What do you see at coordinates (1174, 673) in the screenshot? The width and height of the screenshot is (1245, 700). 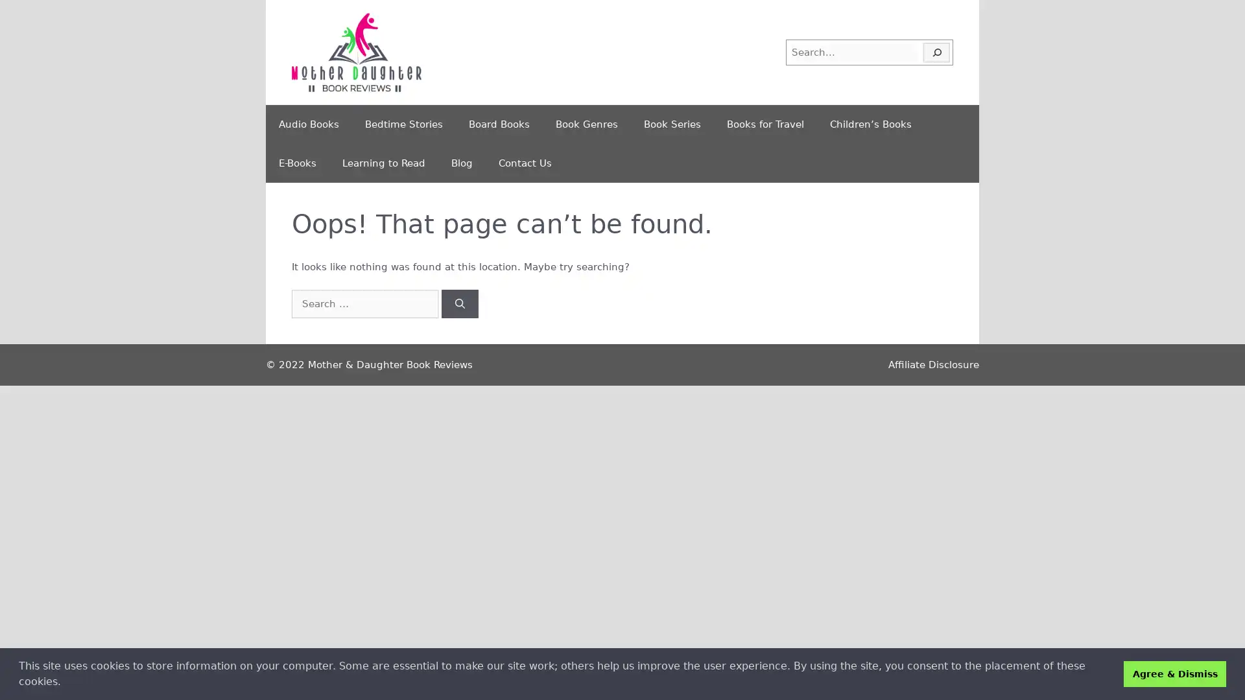 I see `dismiss cookie message` at bounding box center [1174, 673].